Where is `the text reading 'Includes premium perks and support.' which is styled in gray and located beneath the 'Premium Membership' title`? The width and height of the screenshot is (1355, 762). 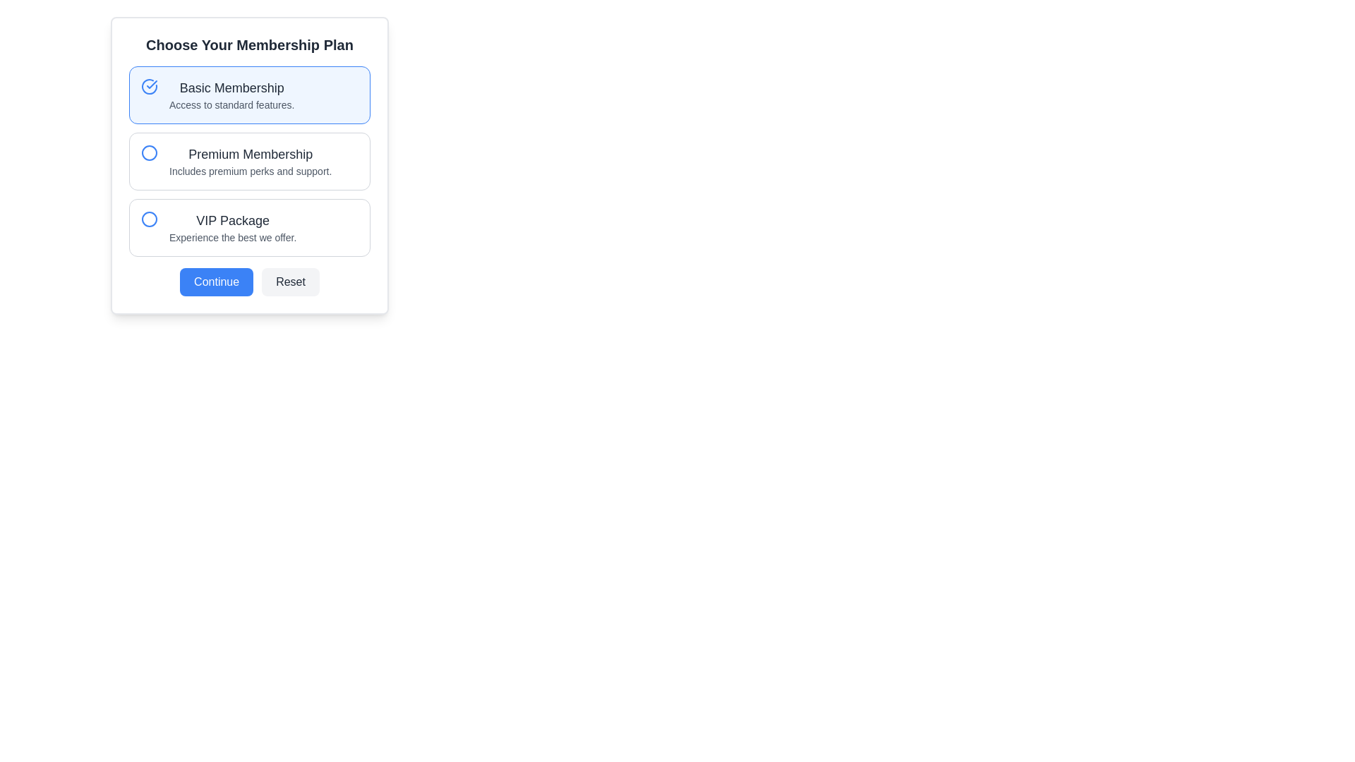 the text reading 'Includes premium perks and support.' which is styled in gray and located beneath the 'Premium Membership' title is located at coordinates (251, 171).